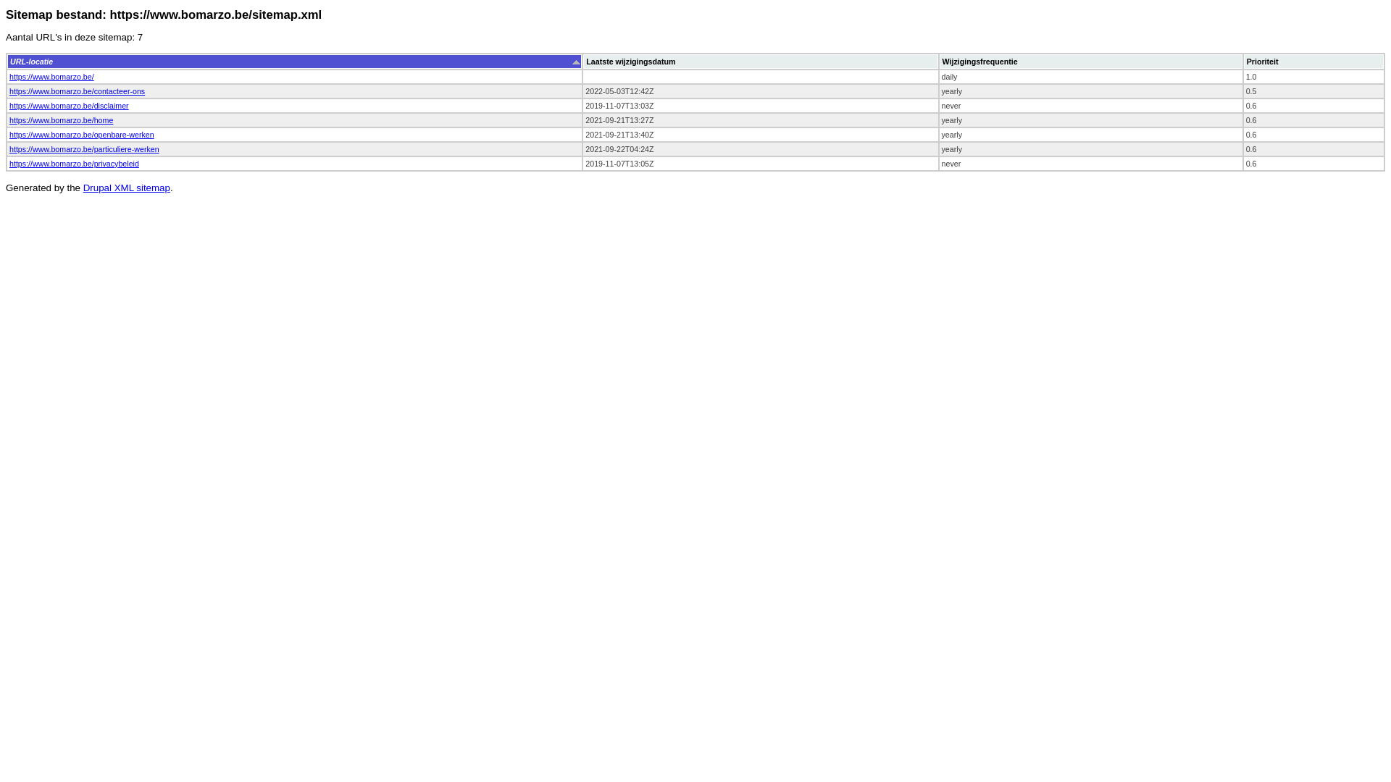  I want to click on 'https://www.bomarzo.be/particuliere-werken', so click(9, 148).